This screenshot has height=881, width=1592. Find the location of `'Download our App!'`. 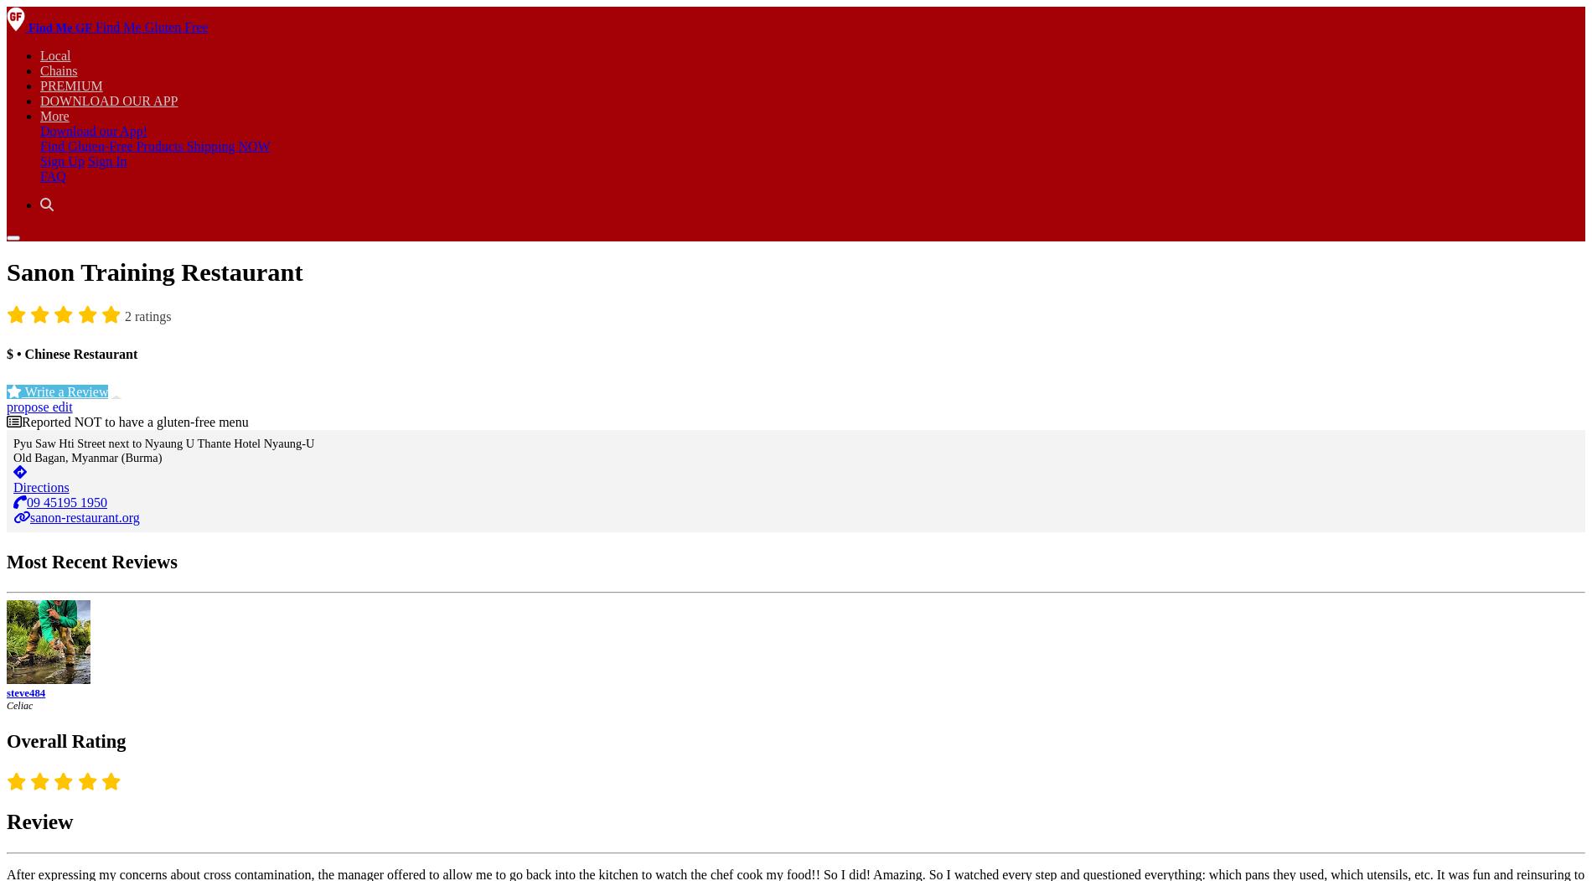

'Download our App!' is located at coordinates (93, 130).